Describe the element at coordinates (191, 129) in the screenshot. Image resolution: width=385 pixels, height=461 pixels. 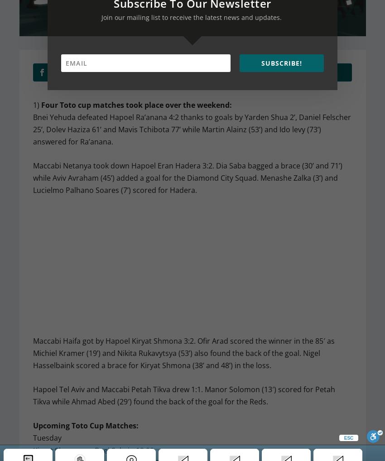
I see `'Bnei Yehuda defeated Hapoel Ra’anana 4:2 thanks to goals by Yarden Shua 2’, Daniel Felscher 25’, Dolev Haziza 61’ and Mavis Tchibota 77’ while Martin Alainz (53’) and Ido levy (73’) answered for Ra’anana.'` at that location.